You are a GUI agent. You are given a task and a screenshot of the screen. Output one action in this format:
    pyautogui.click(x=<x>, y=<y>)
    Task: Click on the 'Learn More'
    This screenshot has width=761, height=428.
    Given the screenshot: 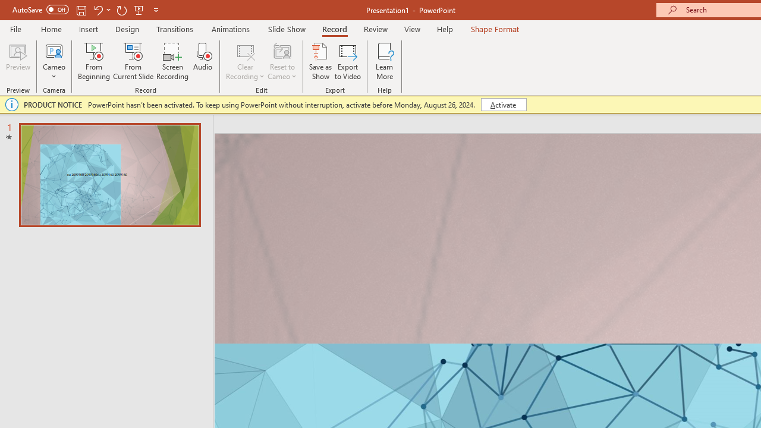 What is the action you would take?
    pyautogui.click(x=385, y=61)
    